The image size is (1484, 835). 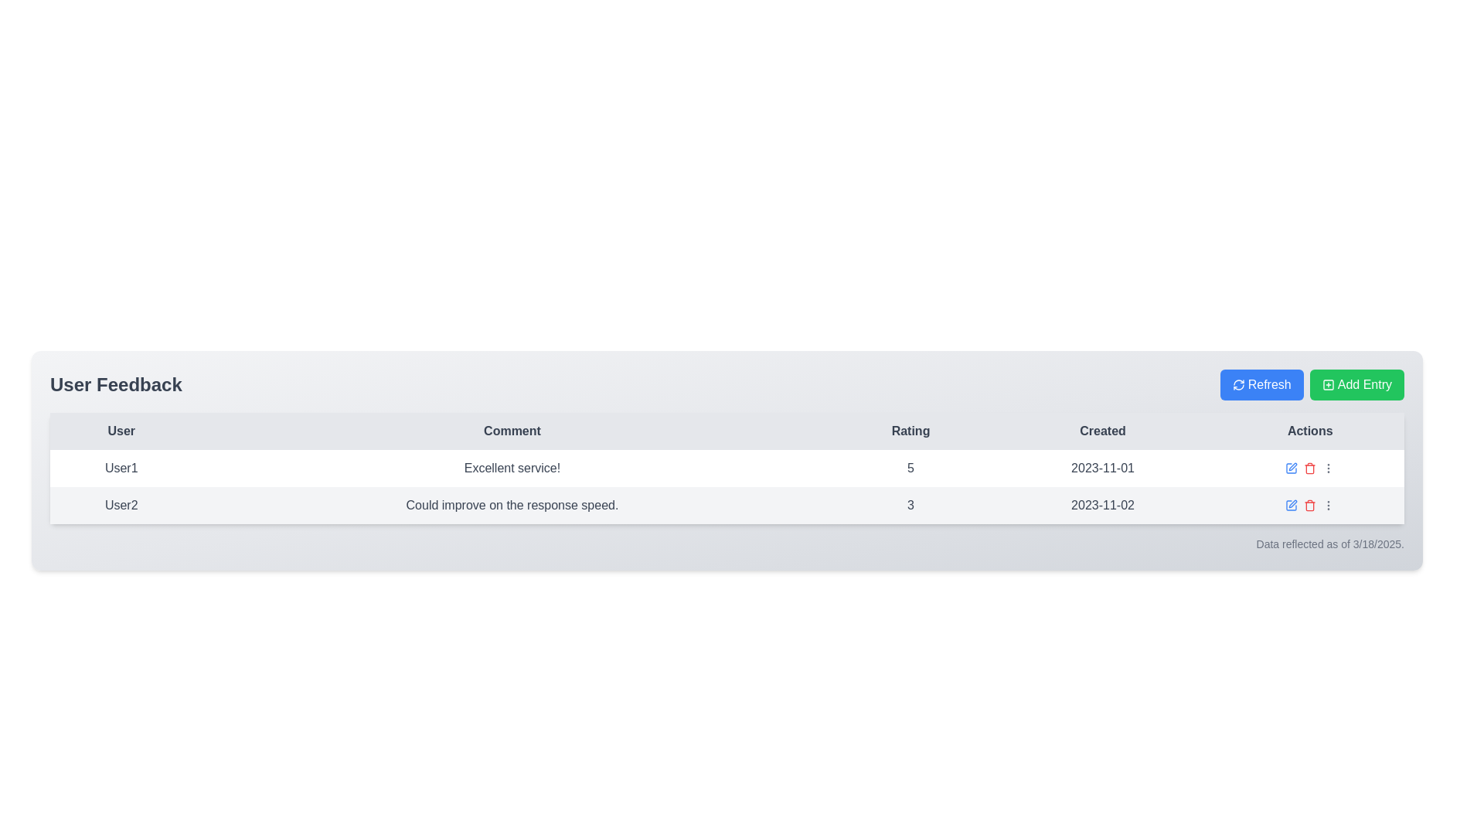 What do you see at coordinates (1329, 544) in the screenshot?
I see `the Label displaying 'Data reflected as of 3/18/2025.' located at the bottom right of the interface` at bounding box center [1329, 544].